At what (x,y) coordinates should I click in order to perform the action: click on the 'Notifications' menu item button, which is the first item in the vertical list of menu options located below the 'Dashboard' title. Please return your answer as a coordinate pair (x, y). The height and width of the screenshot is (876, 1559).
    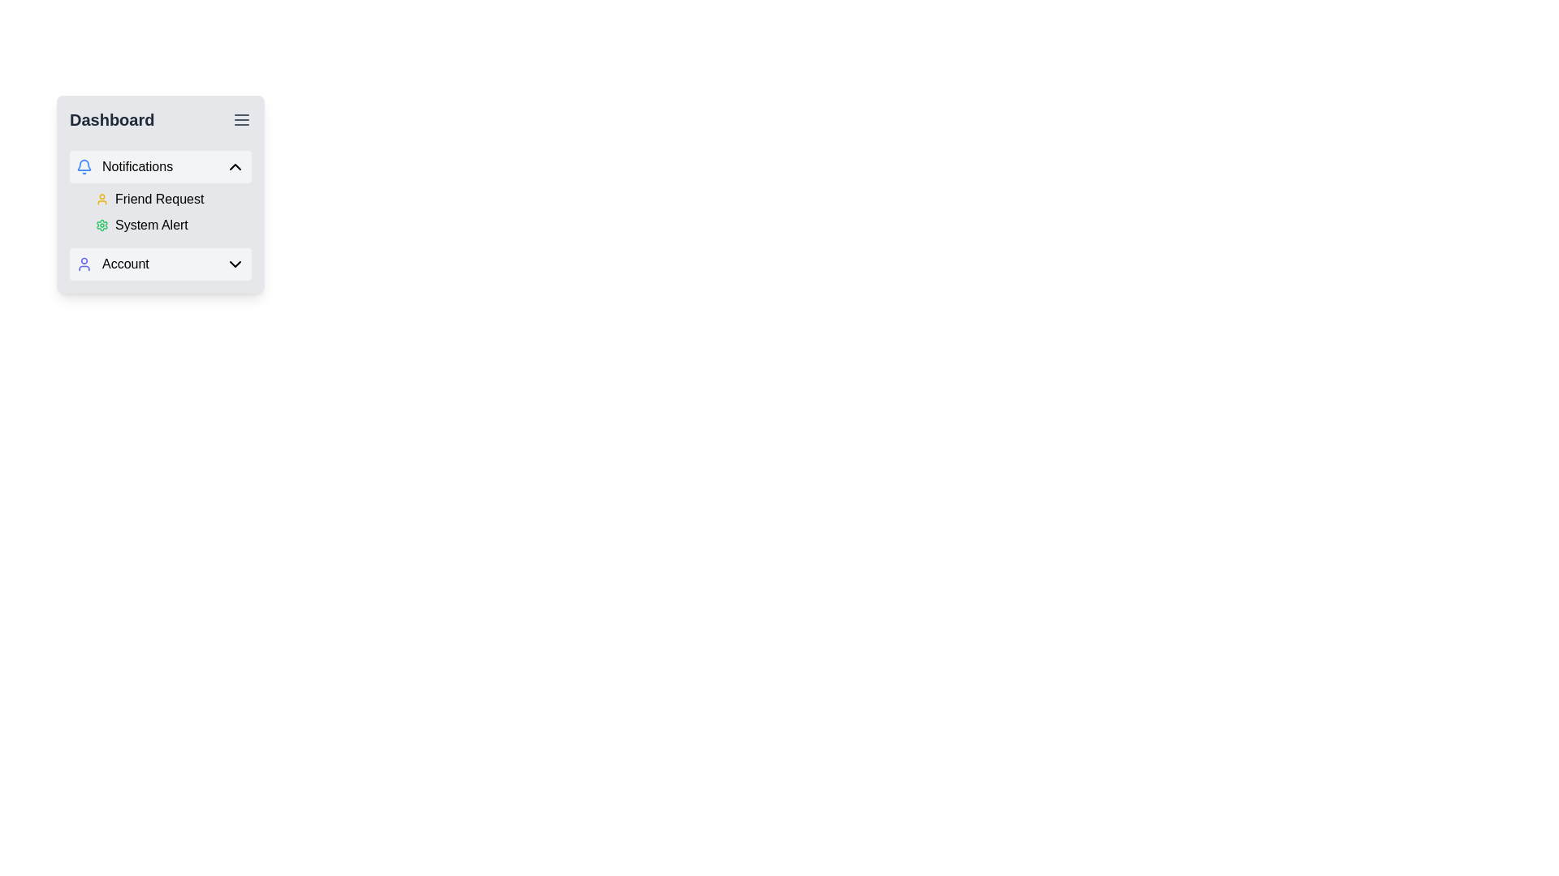
    Looking at the image, I should click on (160, 166).